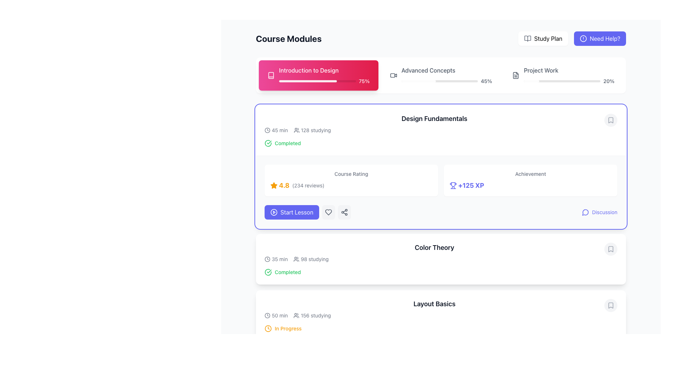 The image size is (694, 390). I want to click on the SVG-based clock icon located to the left of the text '35 min' in the 'Color Theory' section of the course overview interface, so click(267, 259).